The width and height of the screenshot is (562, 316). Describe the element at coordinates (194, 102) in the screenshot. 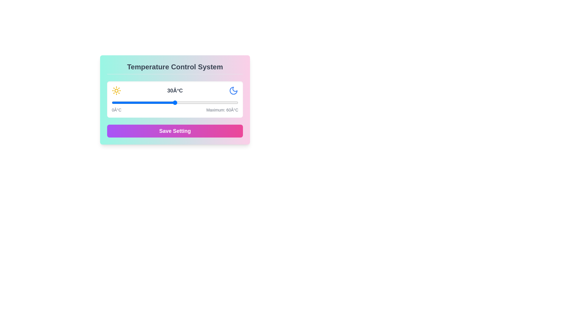

I see `the temperature slider to set the temperature to 39°C` at that location.